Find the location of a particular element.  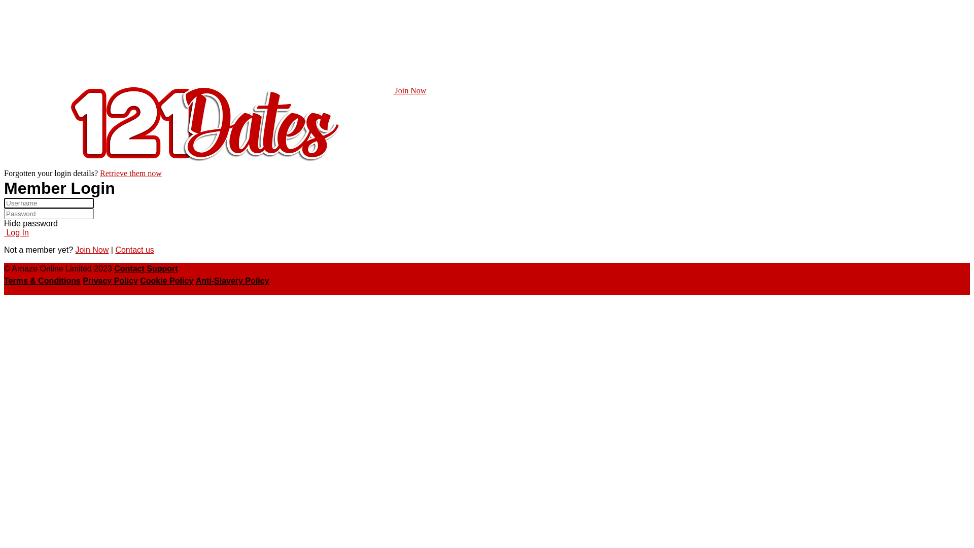

' Log In' is located at coordinates (16, 232).